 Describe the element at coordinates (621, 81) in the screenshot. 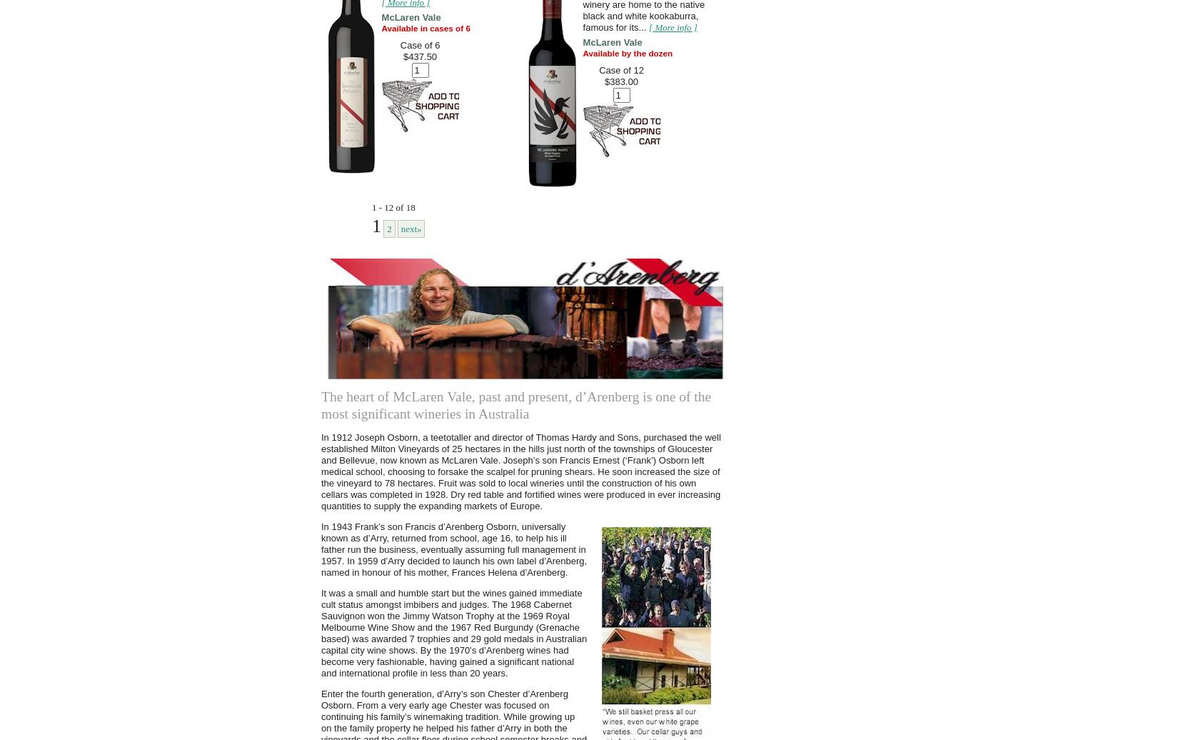

I see `'$383.00'` at that location.